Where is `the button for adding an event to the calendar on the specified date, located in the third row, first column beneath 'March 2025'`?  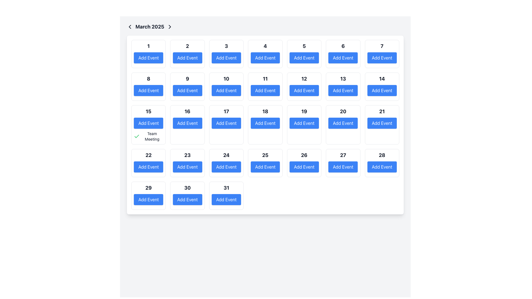 the button for adding an event to the calendar on the specified date, located in the third row, first column beneath 'March 2025' is located at coordinates (149, 123).